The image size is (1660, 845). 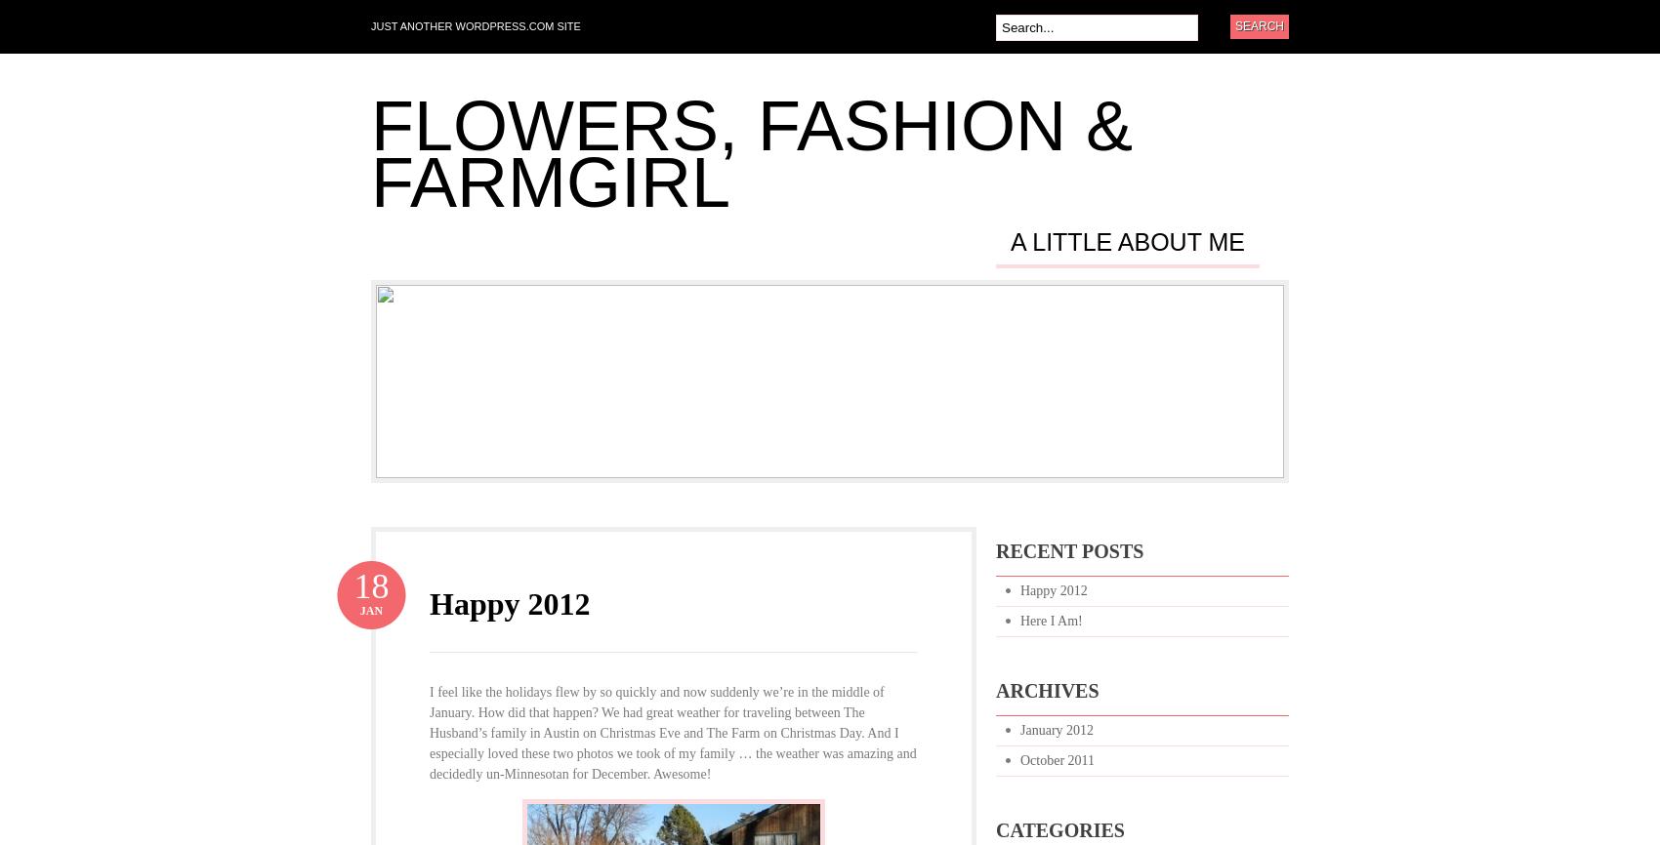 I want to click on 'October 2011', so click(x=1058, y=759).